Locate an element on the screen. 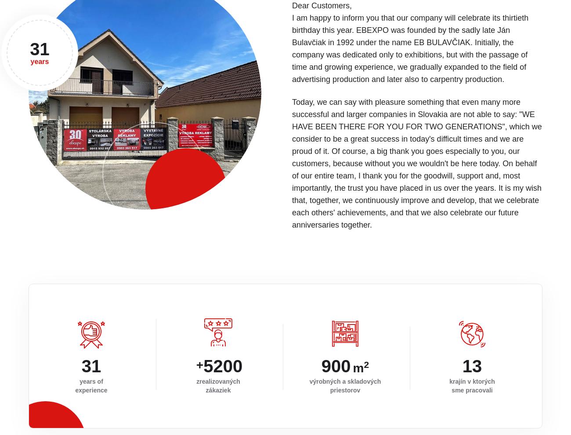 The height and width of the screenshot is (435, 571). 'Portfolio' is located at coordinates (480, 374).